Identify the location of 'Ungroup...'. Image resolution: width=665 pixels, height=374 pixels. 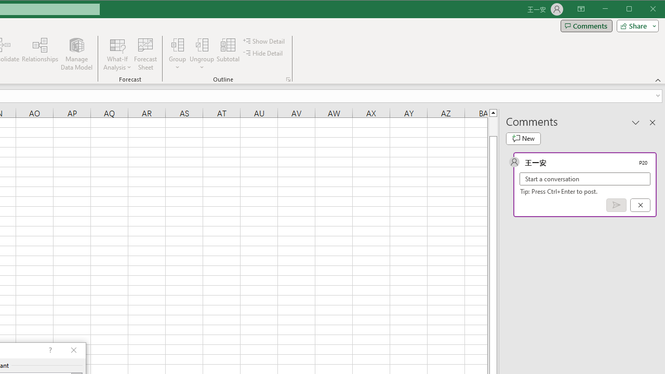
(202, 54).